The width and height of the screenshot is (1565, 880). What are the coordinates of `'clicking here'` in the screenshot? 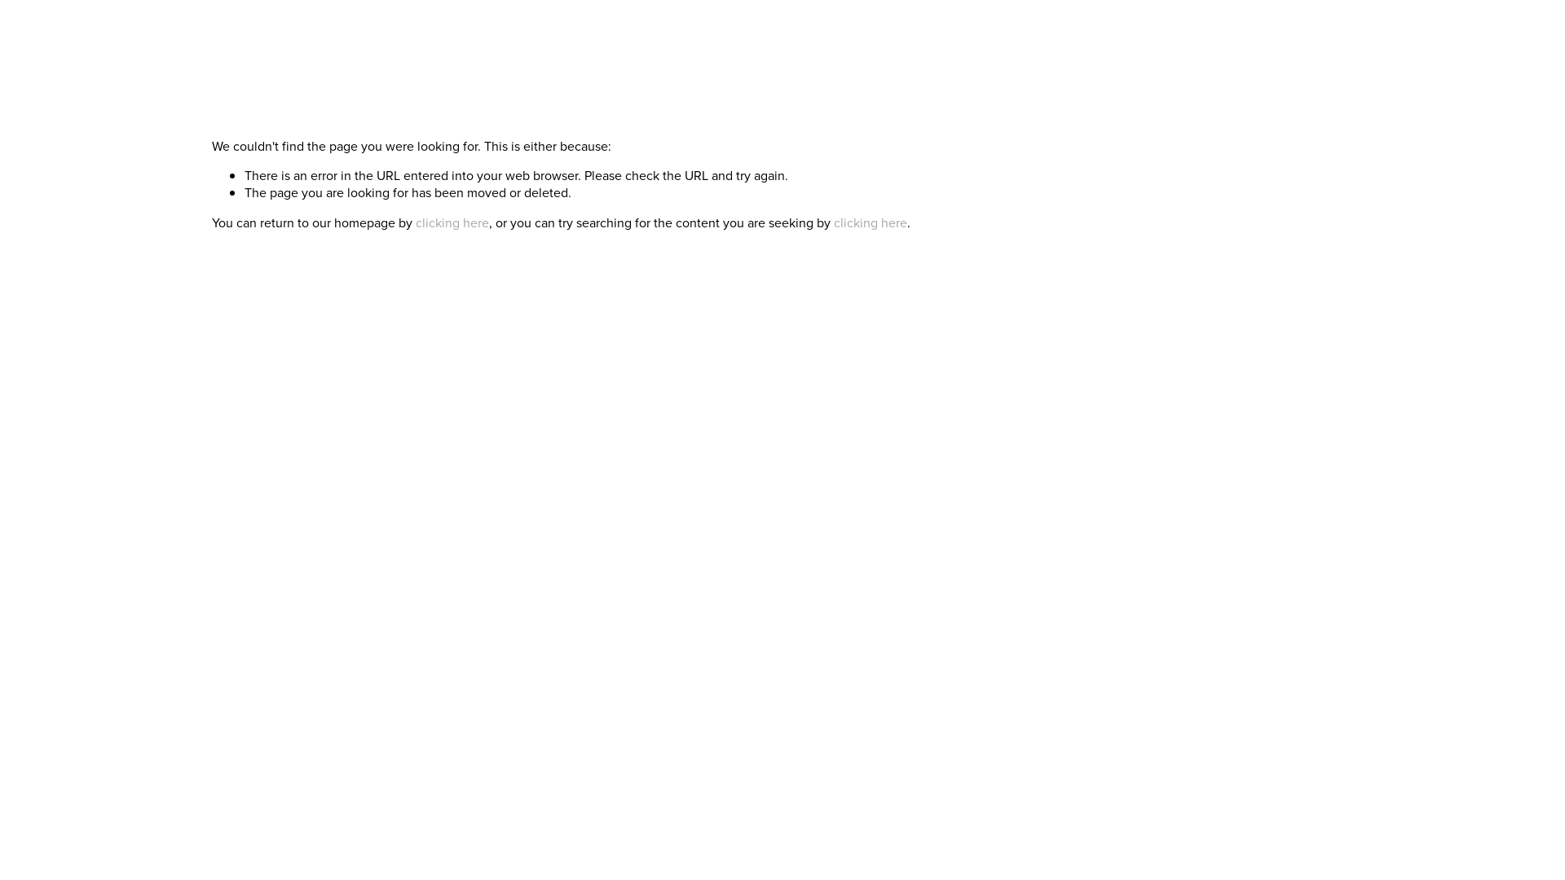 It's located at (452, 222).